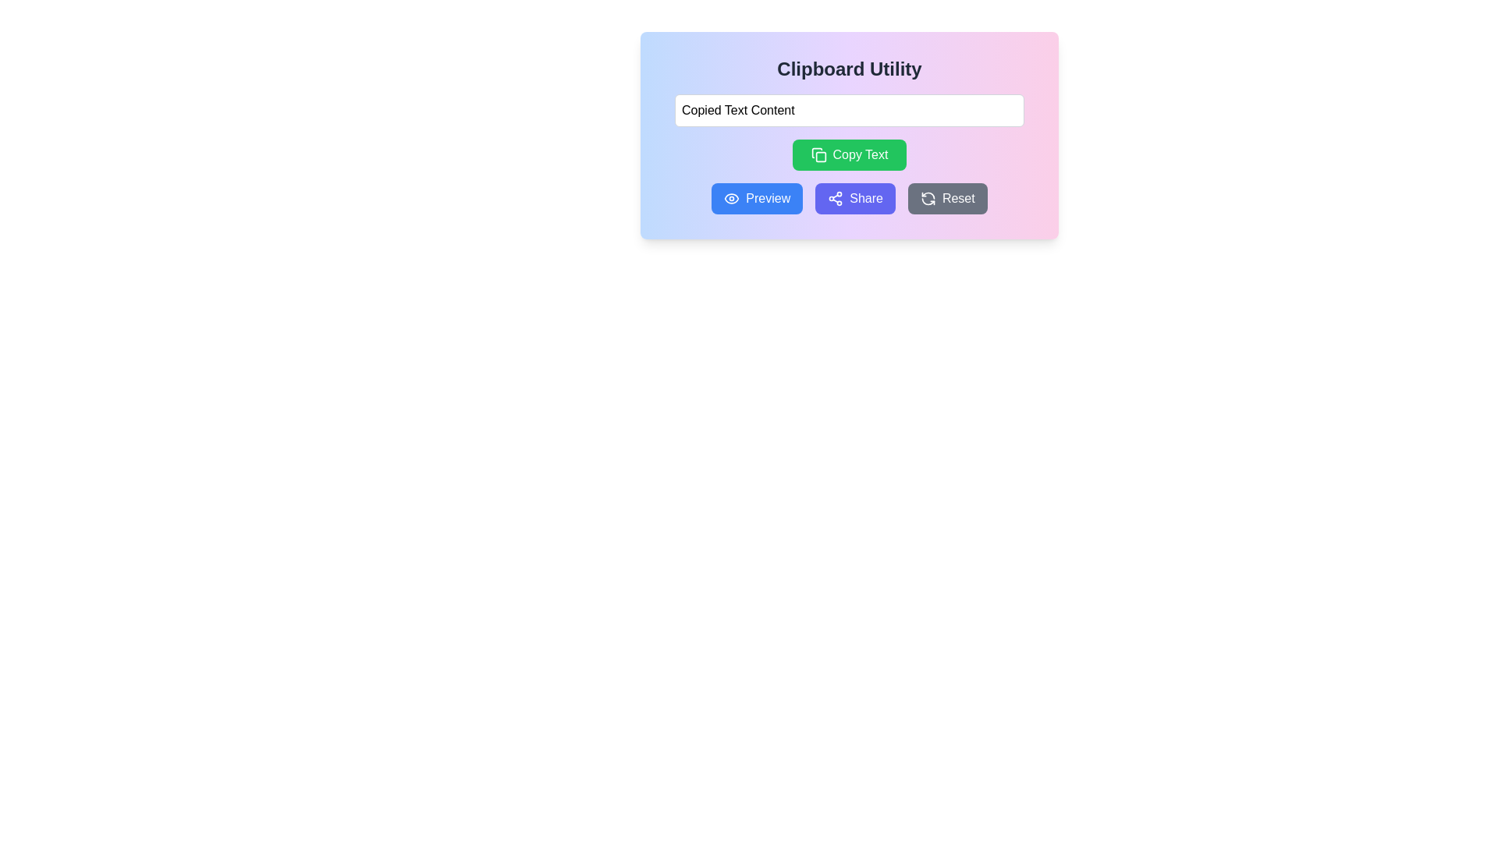  What do you see at coordinates (849, 155) in the screenshot?
I see `the 'Copy' button located below the input field and above the 'Preview', 'Share', and 'Reset' buttons, which is the second button from the left in its group, to copy the text entered in the input field to the clipboard` at bounding box center [849, 155].